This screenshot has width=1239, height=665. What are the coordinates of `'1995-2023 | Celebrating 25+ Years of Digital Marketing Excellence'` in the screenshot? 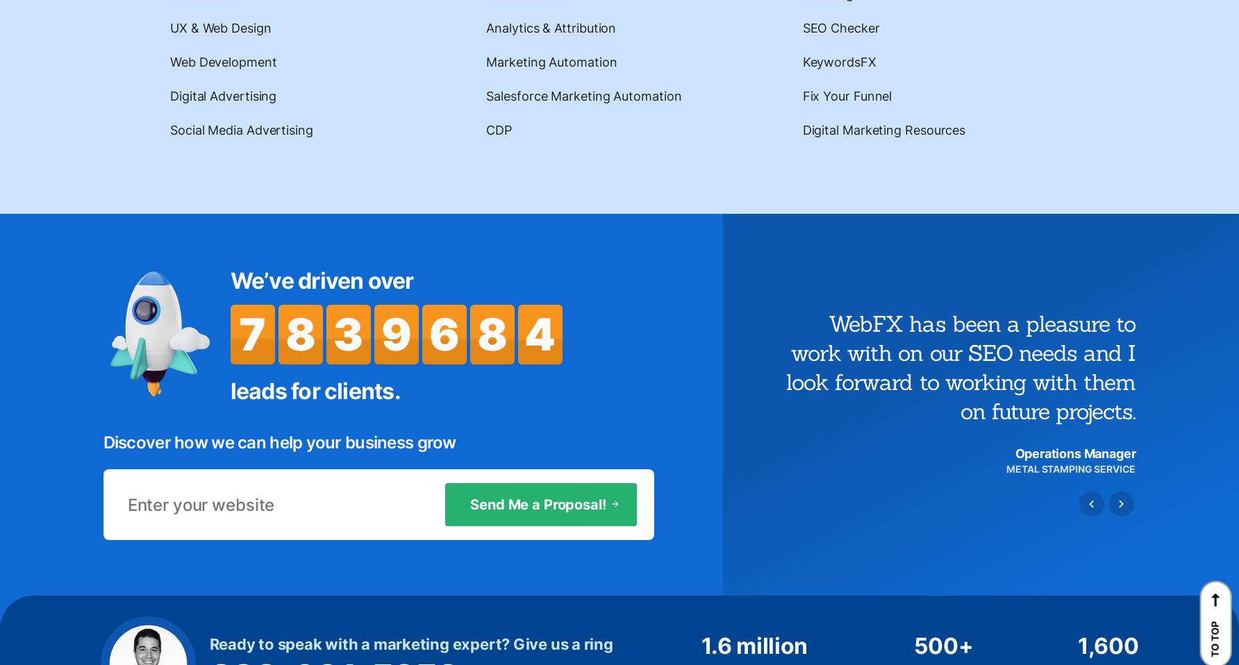 It's located at (288, 614).